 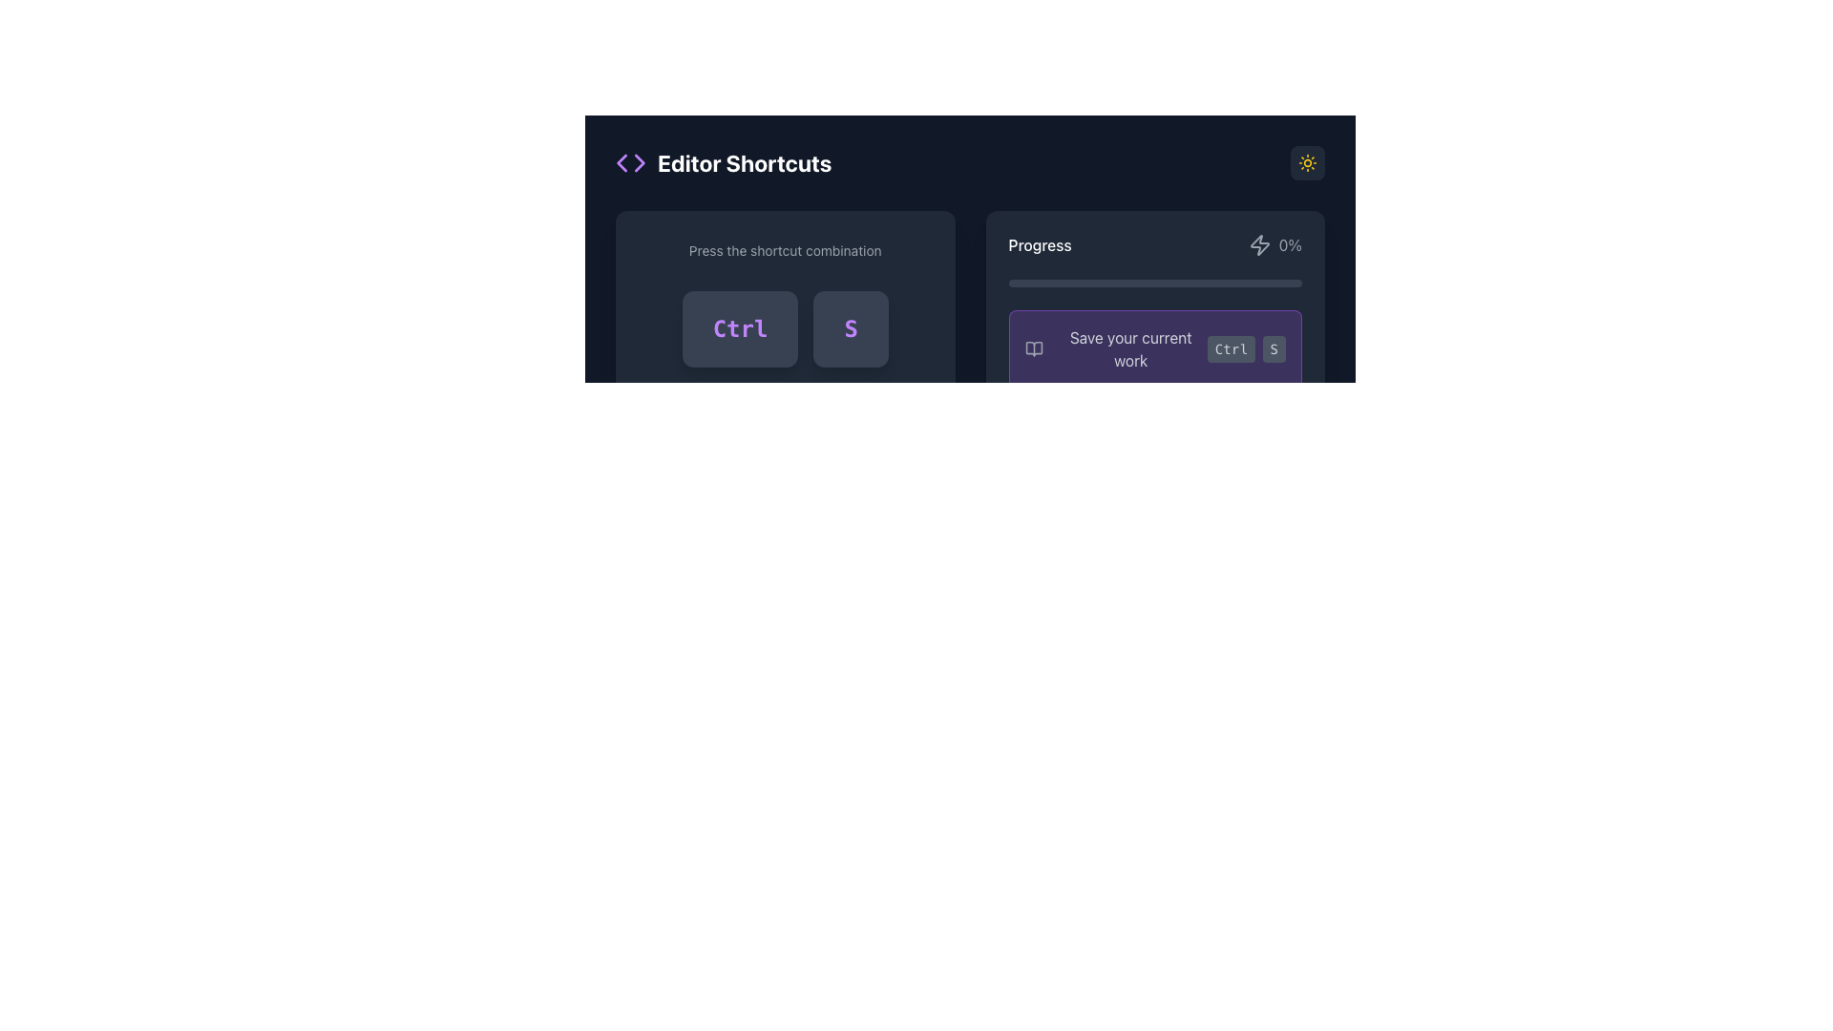 I want to click on the programming icon positioned to the left of the 'Editor Shortcuts' title, so click(x=631, y=161).